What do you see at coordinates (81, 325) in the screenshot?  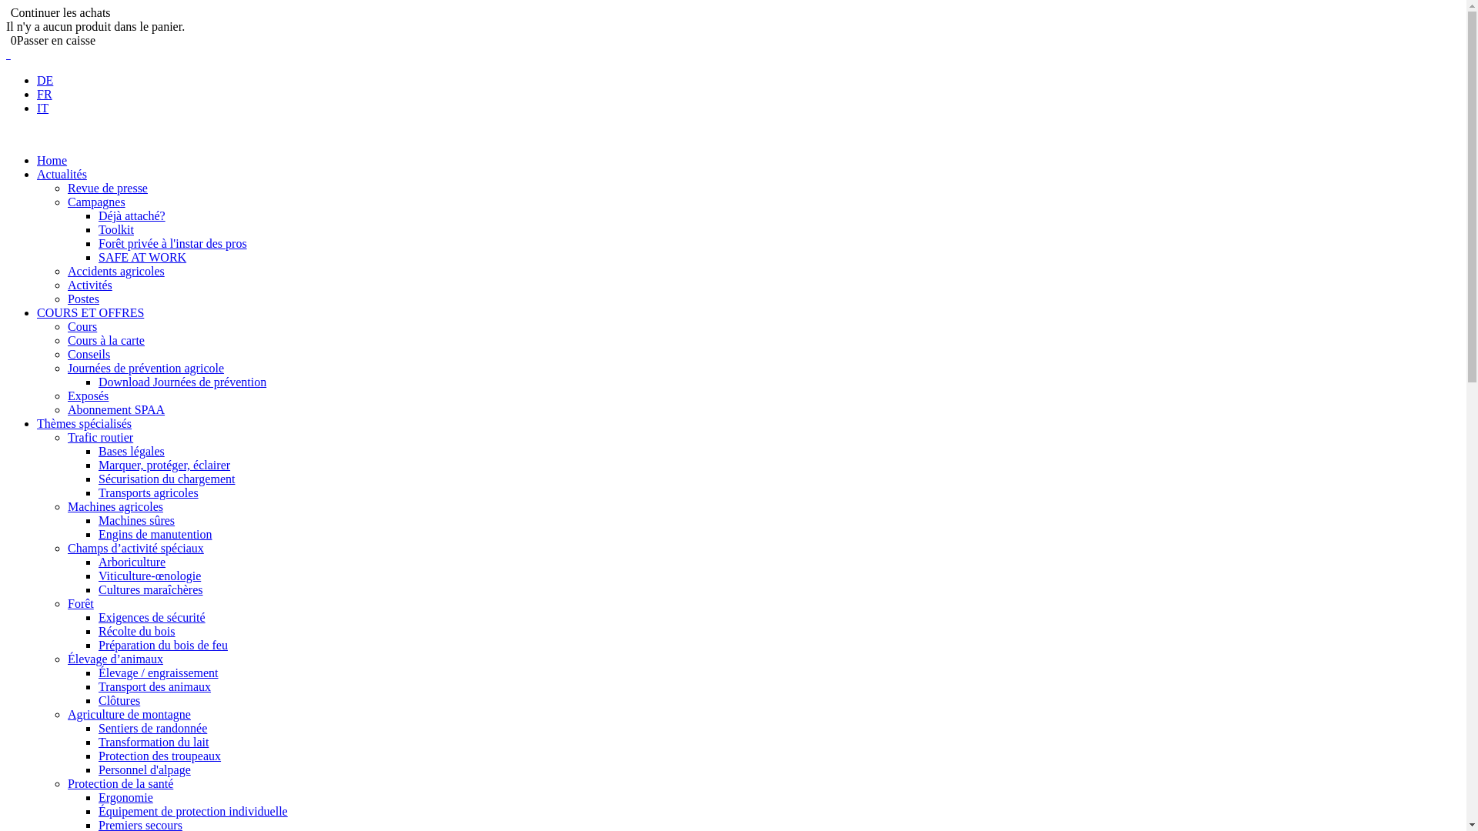 I see `'Cours'` at bounding box center [81, 325].